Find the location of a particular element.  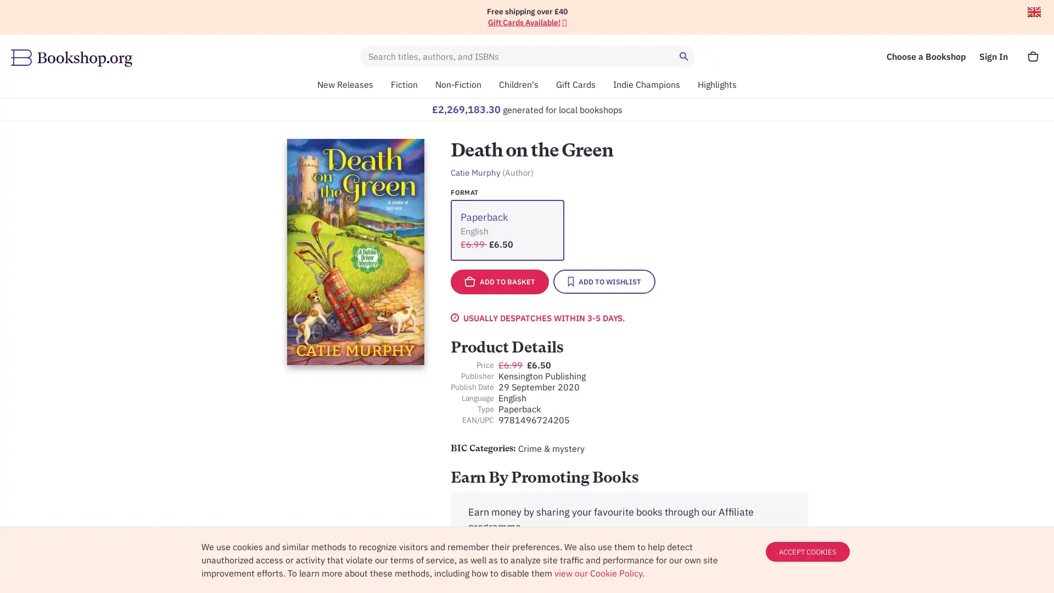

ADD TO BASKET is located at coordinates (503, 281).